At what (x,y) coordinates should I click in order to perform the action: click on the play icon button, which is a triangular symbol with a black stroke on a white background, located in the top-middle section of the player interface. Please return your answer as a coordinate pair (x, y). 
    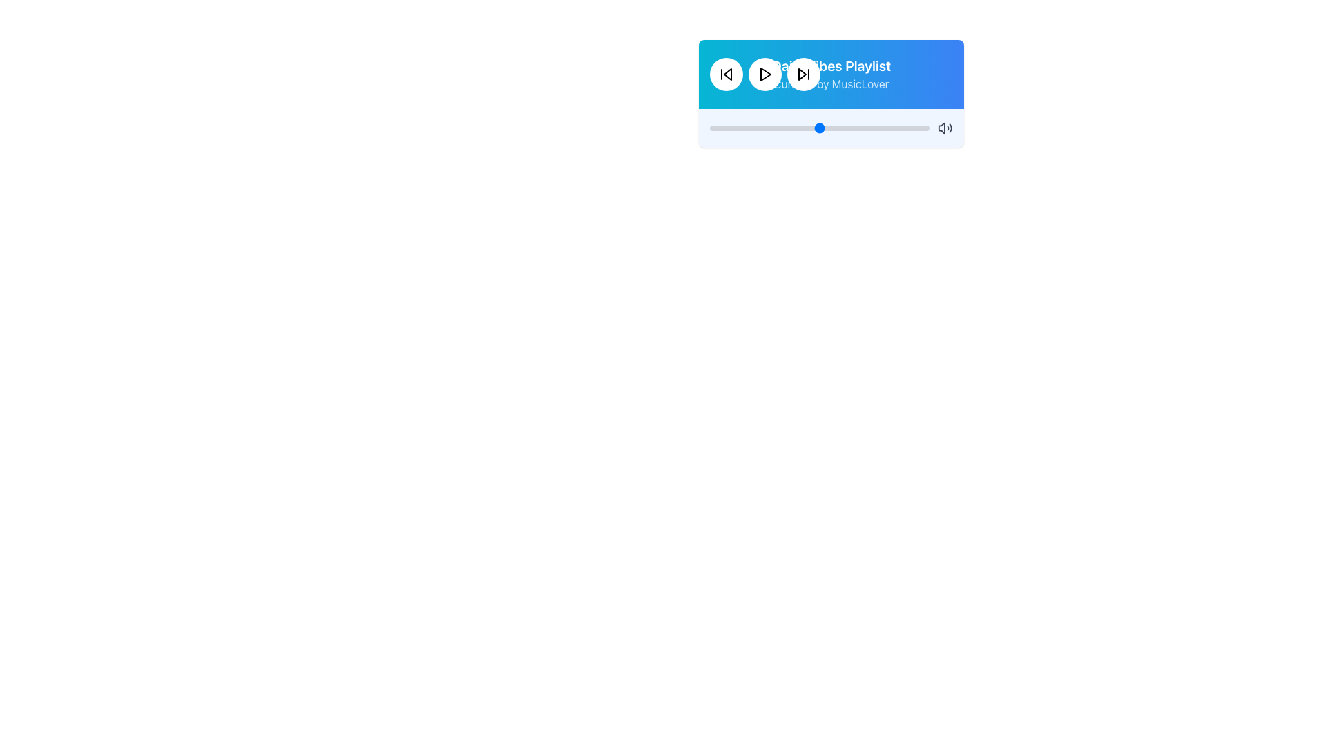
    Looking at the image, I should click on (765, 74).